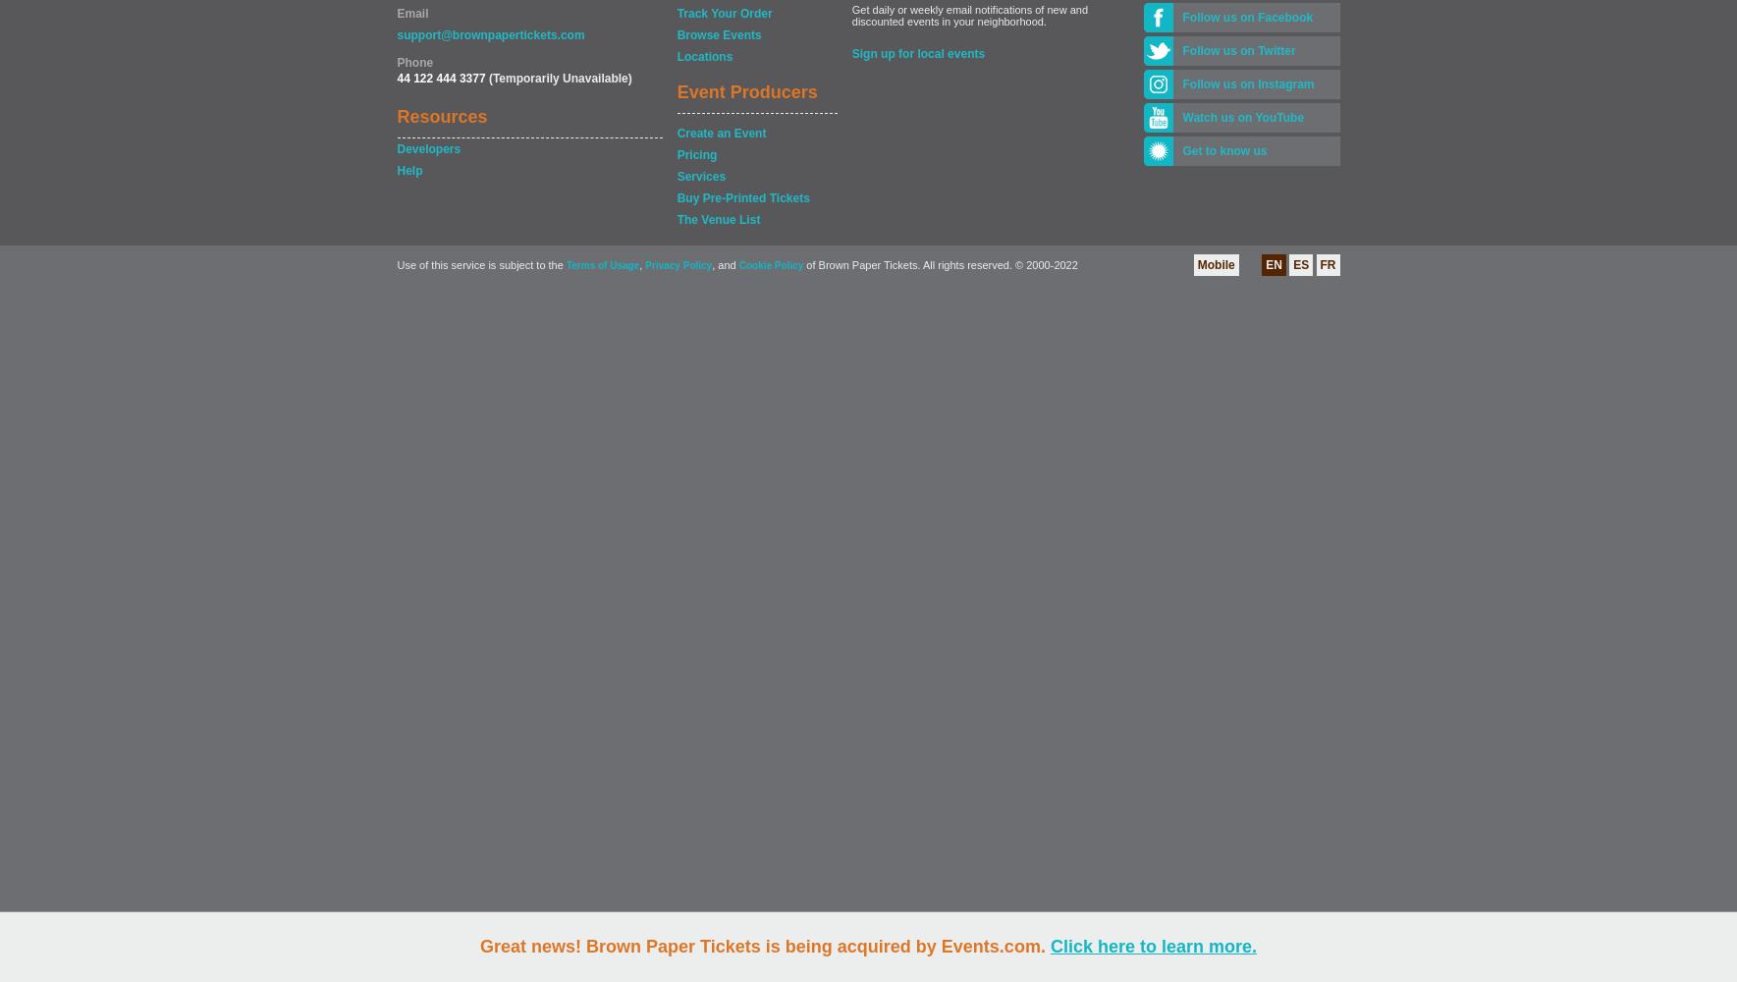 This screenshot has width=1737, height=982. What do you see at coordinates (410, 14) in the screenshot?
I see `'Email'` at bounding box center [410, 14].